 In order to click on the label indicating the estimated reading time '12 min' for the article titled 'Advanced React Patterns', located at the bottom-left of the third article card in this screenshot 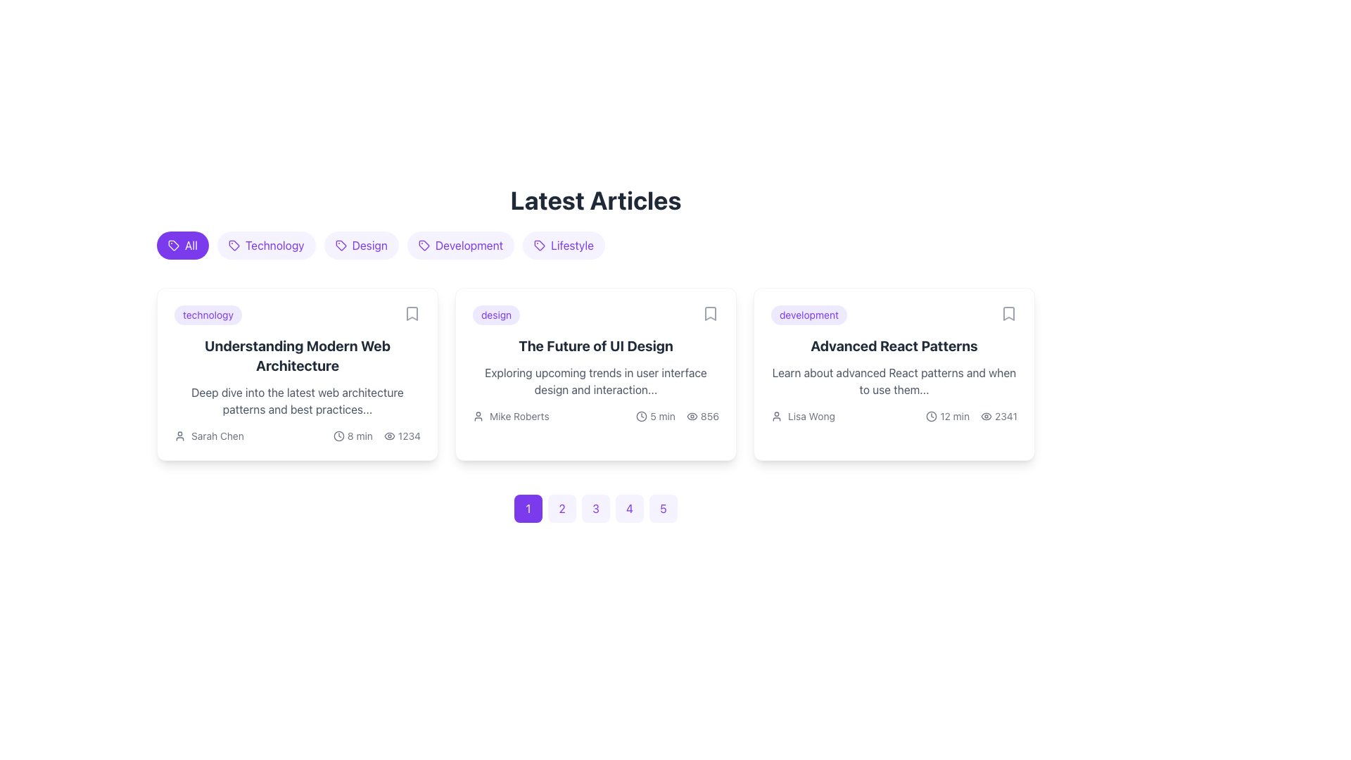, I will do `click(948, 415)`.